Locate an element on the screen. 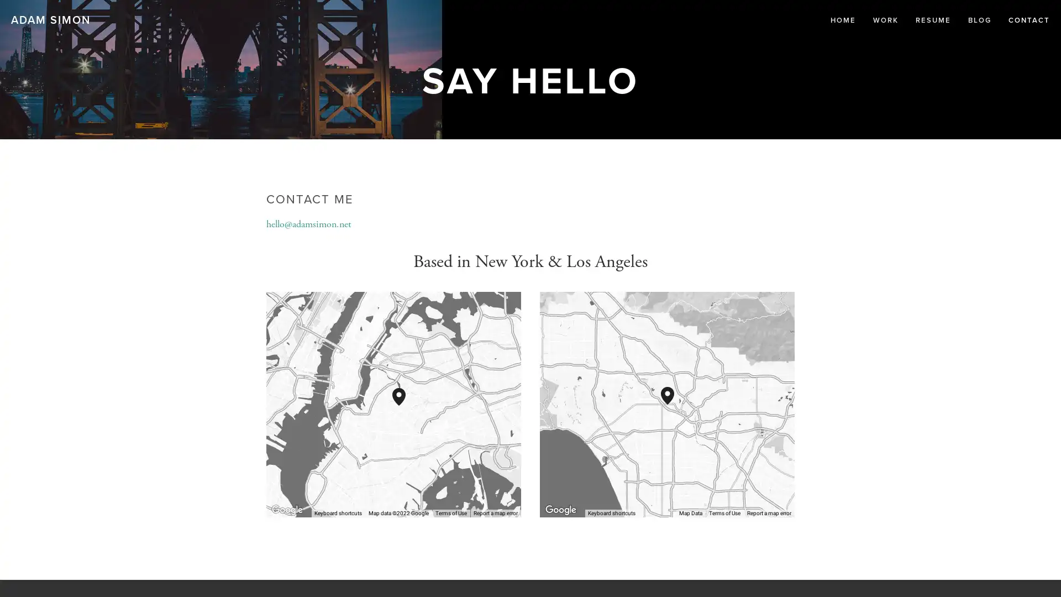 The image size is (1061, 597). 1016 N Heliotrope Dr Los Angeles, CA, 90029, United States is located at coordinates (673, 404).